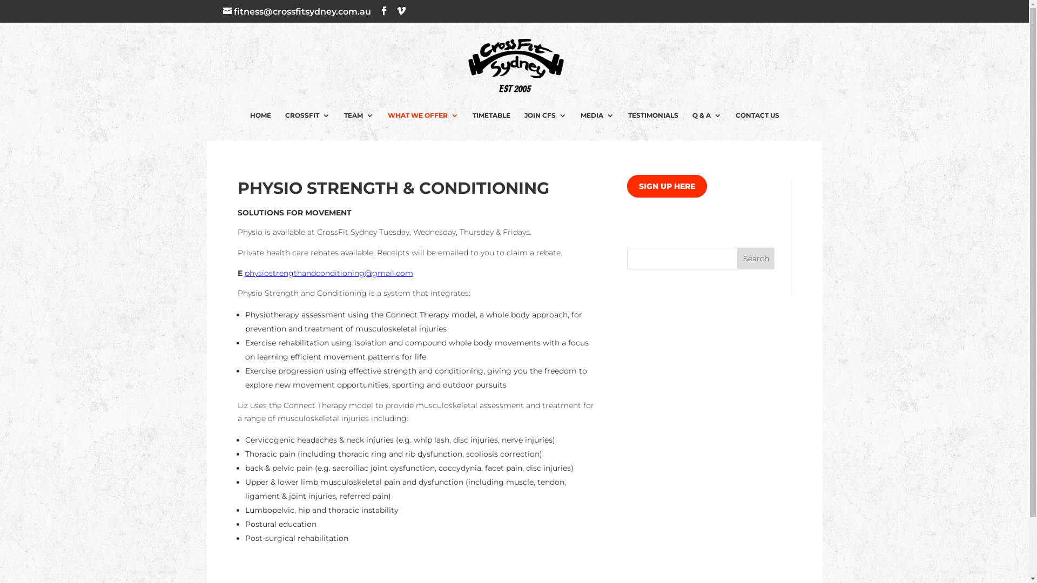 The image size is (1037, 583). What do you see at coordinates (248, 118) in the screenshot?
I see `'HOME'` at bounding box center [248, 118].